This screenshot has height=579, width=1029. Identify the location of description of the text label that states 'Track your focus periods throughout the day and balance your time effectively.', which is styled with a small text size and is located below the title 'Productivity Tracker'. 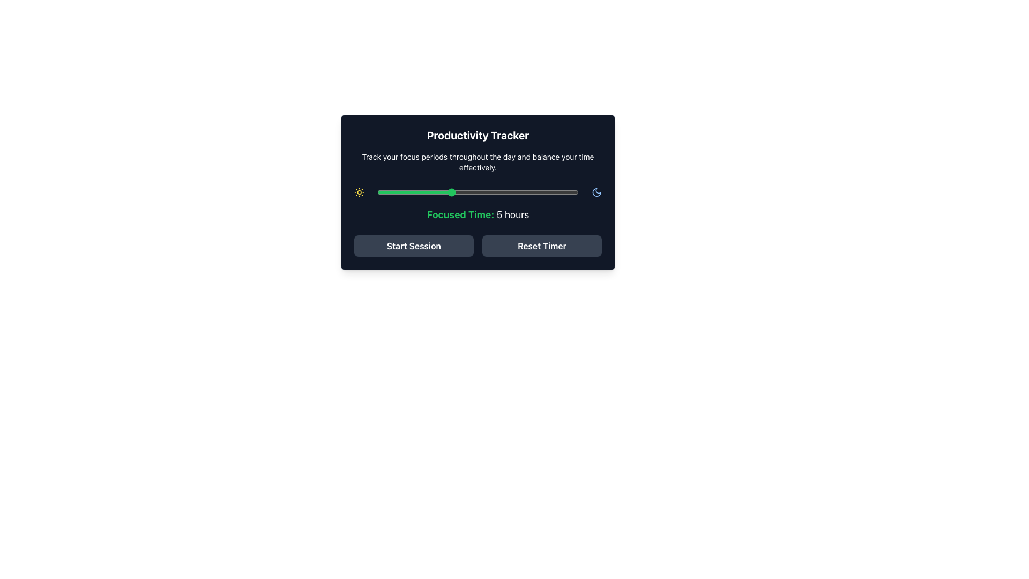
(478, 162).